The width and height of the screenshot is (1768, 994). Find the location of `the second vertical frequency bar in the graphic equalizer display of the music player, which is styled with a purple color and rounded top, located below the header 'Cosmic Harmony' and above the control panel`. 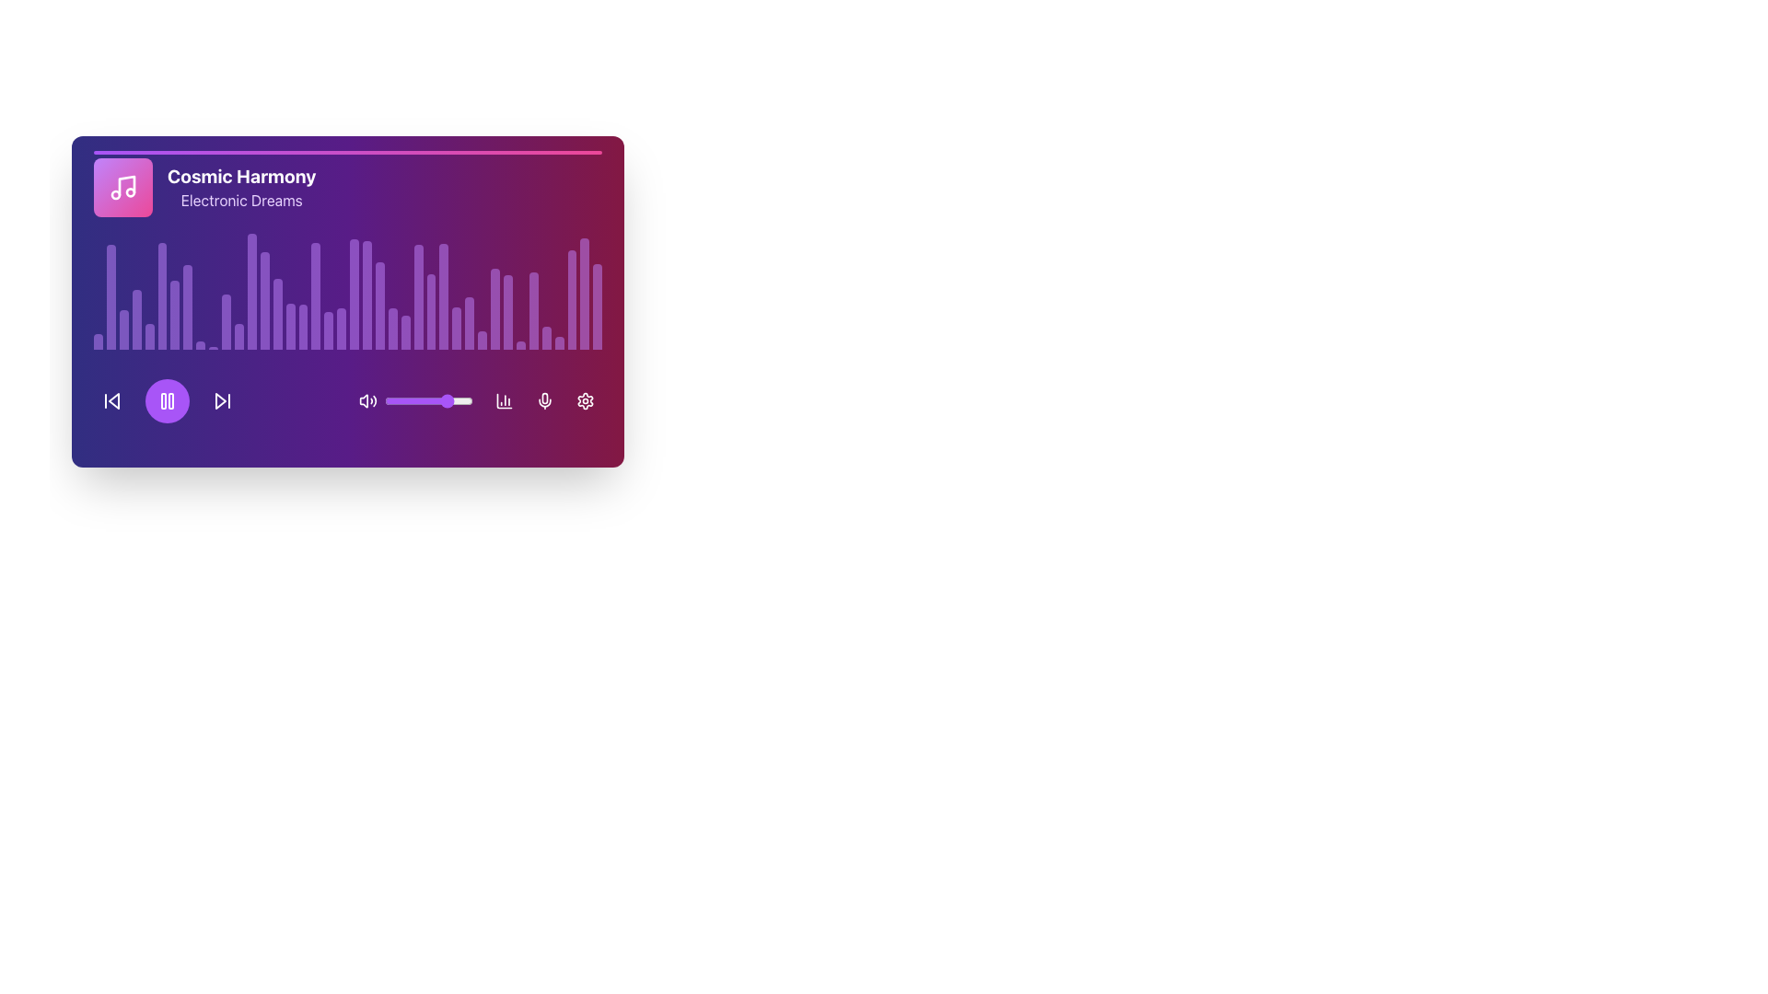

the second vertical frequency bar in the graphic equalizer display of the music player, which is styled with a purple color and rounded top, located below the header 'Cosmic Harmony' and above the control panel is located at coordinates (110, 296).